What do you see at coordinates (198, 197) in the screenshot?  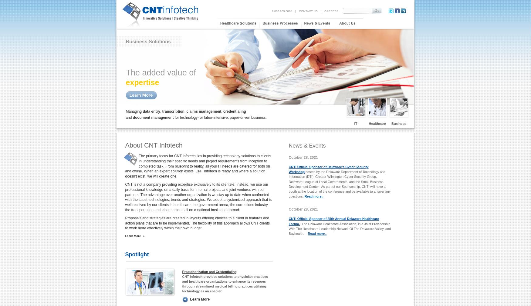 I see `'CNT is not a company providing expertise exclusively to its clientele. Instead, we use our professional knowledge on a daily basis for internal projects and joint ventures with our partners. The advantage over another organization is we stay up to date when confronted with the latest technologies, trends and strategies. We adopt a systemized approach that is well received by our clients in healthcare, the government arena, the corrections industry, the transportation and labor sectors, all on a national basis and abroad.'` at bounding box center [198, 197].